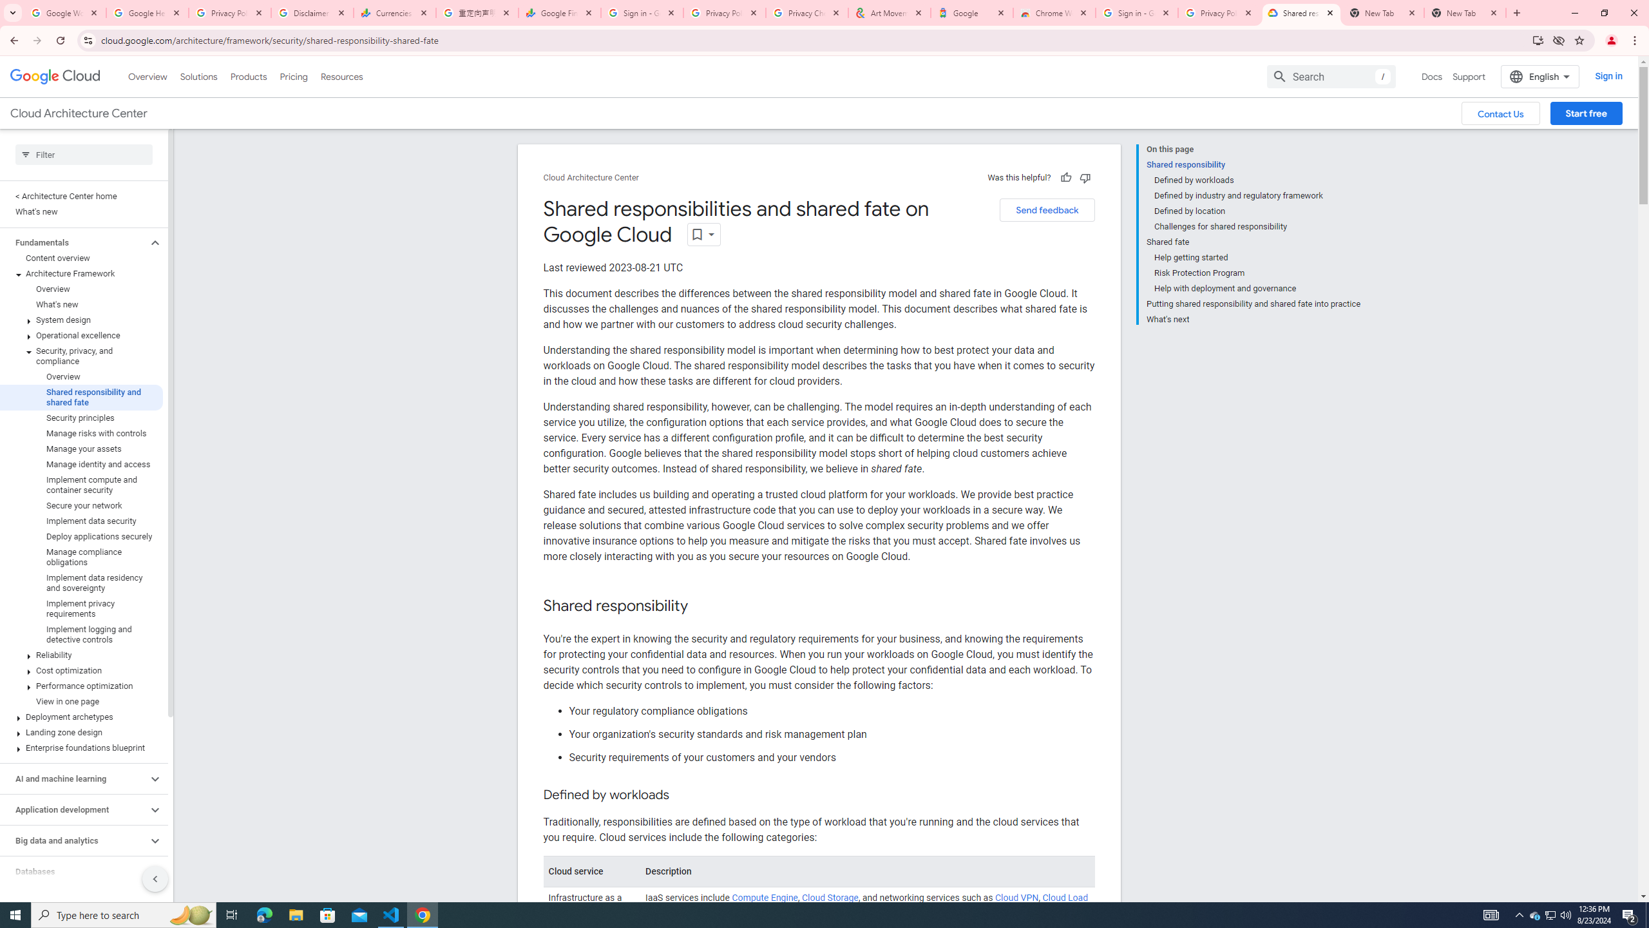 This screenshot has height=928, width=1649. Describe the element at coordinates (81, 731) in the screenshot. I see `'Landing zone design'` at that location.